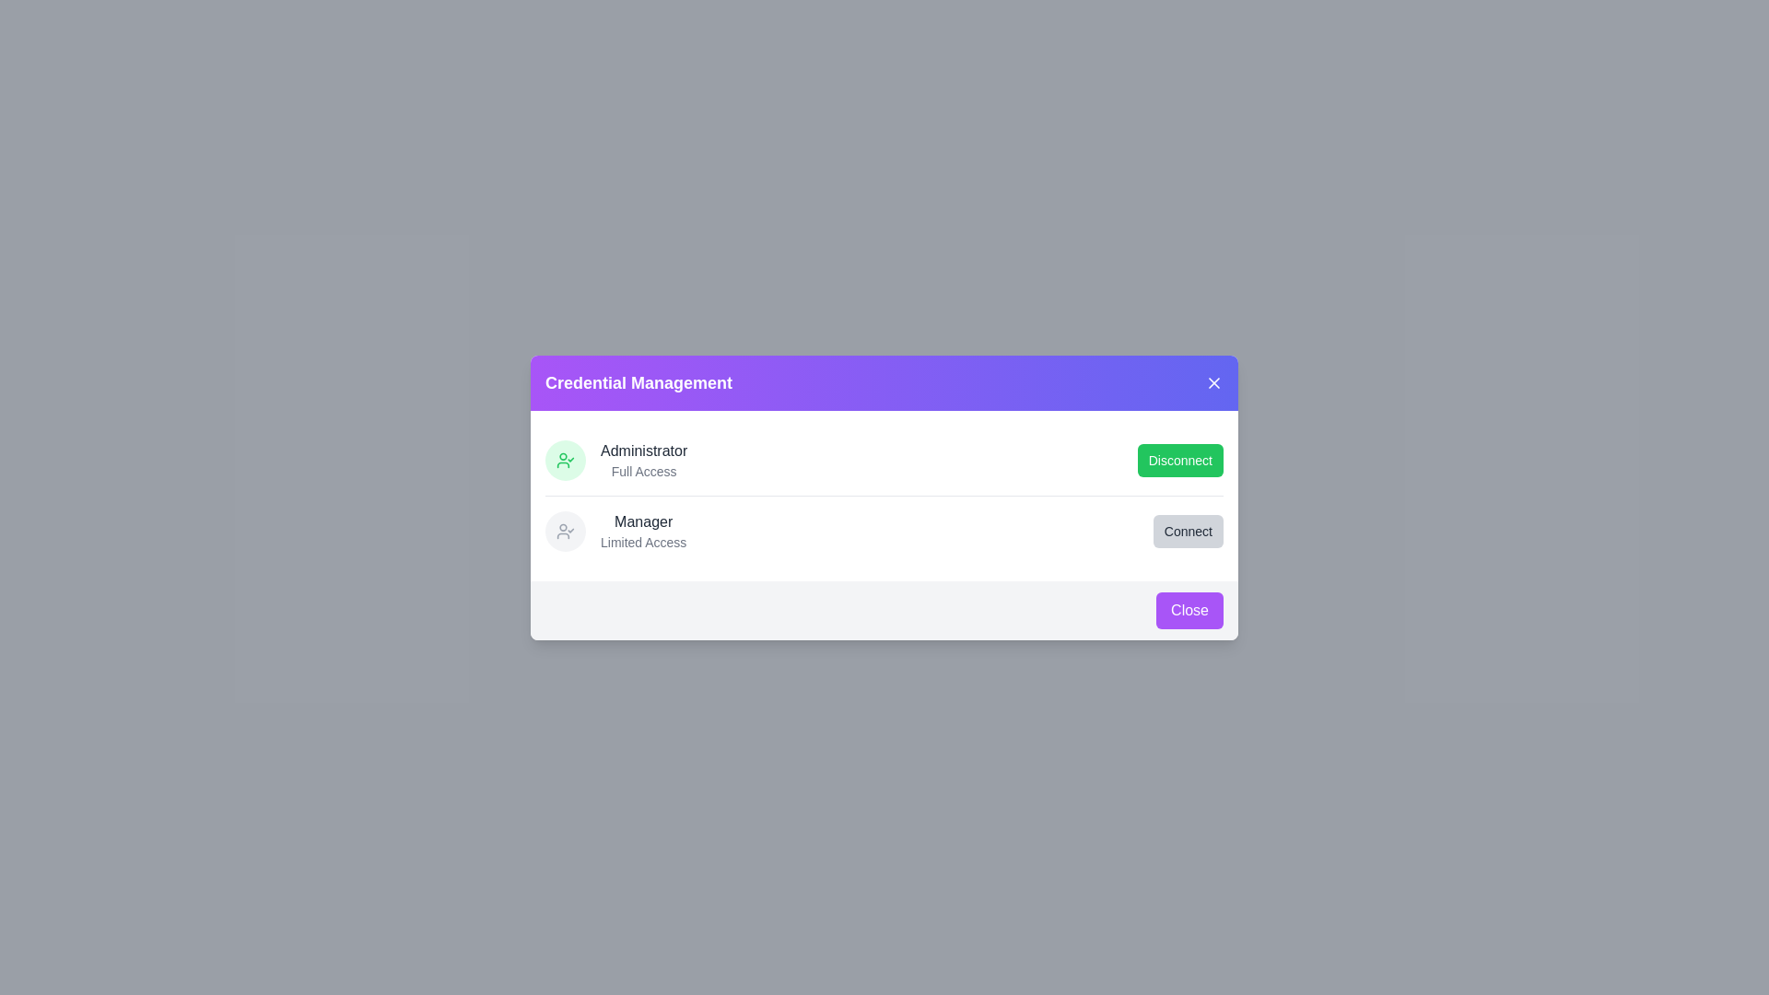  What do you see at coordinates (615, 531) in the screenshot?
I see `the displayed information of the 'Manager' informational list item component, which shows 'Limited Access' and is positioned between 'Administrator' and 'Connect'` at bounding box center [615, 531].